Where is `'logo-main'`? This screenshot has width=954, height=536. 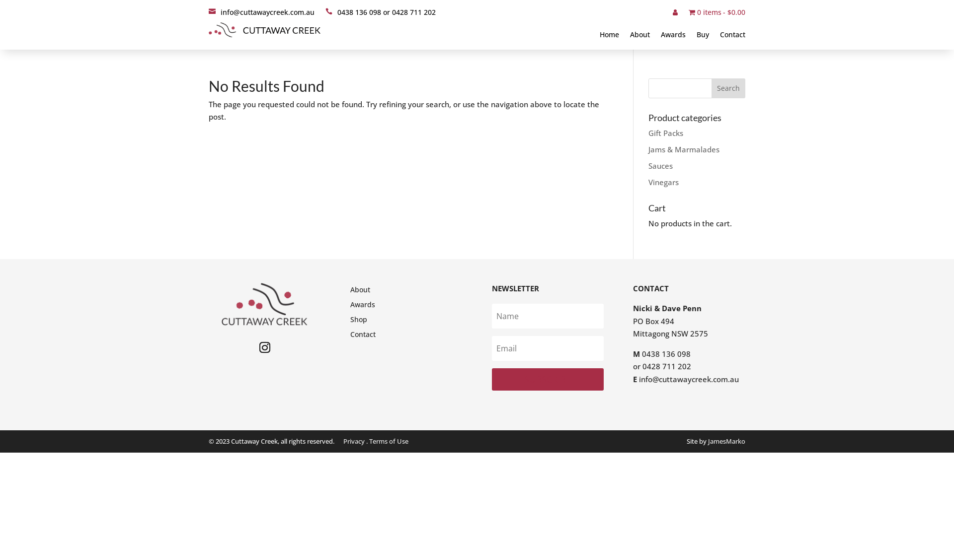 'logo-main' is located at coordinates (264, 30).